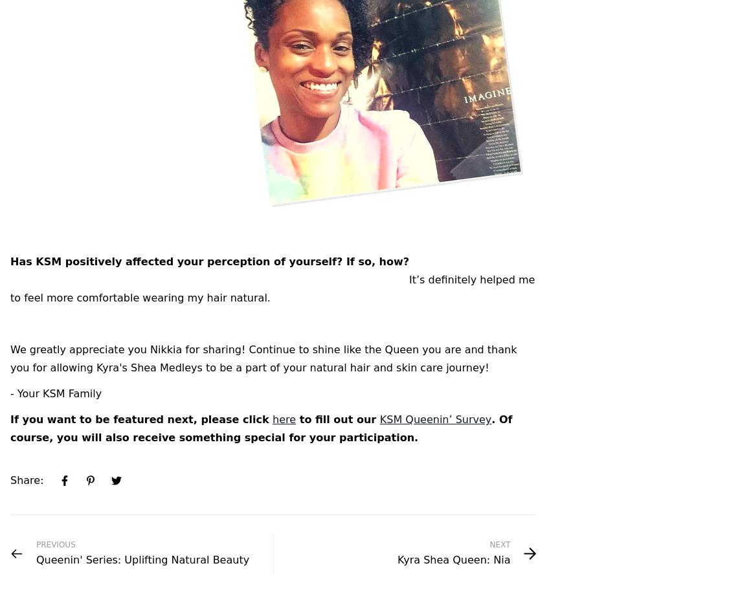 The image size is (729, 592). Describe the element at coordinates (263, 358) in the screenshot. I see `'We greatly appreciate you Nikkia for sharing! Continue to shine like the Queen you are and thank you for allowing Kyra's Shea Medleys to be a part of your natural hair and skin care journey!'` at that location.